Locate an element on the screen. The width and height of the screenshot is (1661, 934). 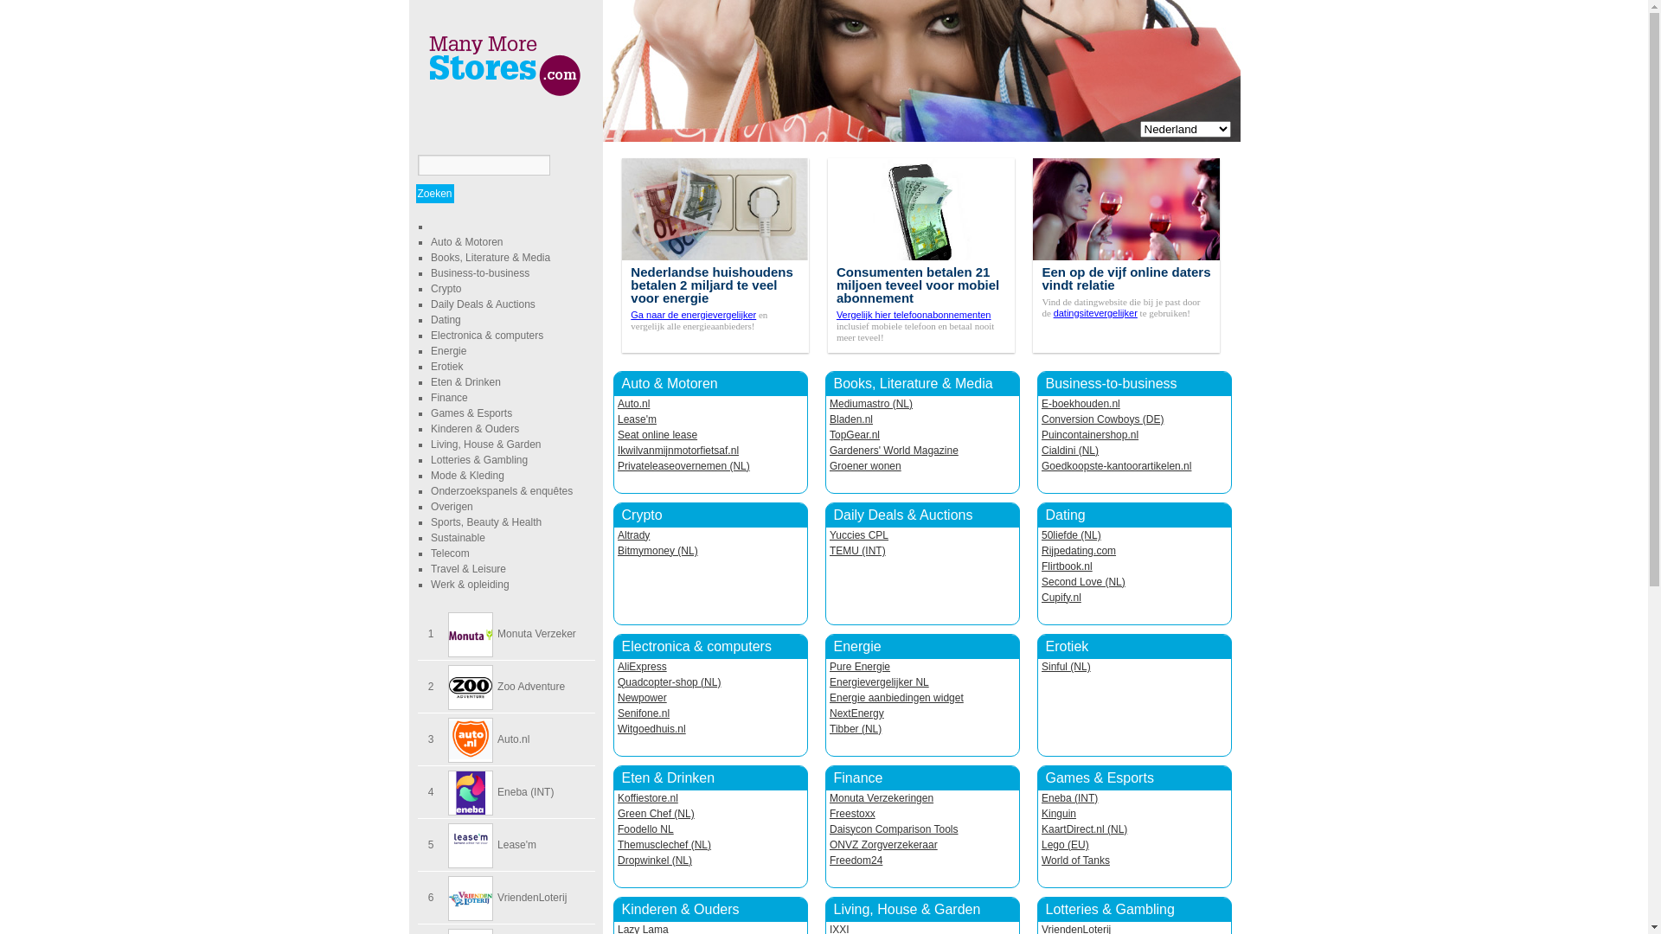
'AliExpress' is located at coordinates (618, 666).